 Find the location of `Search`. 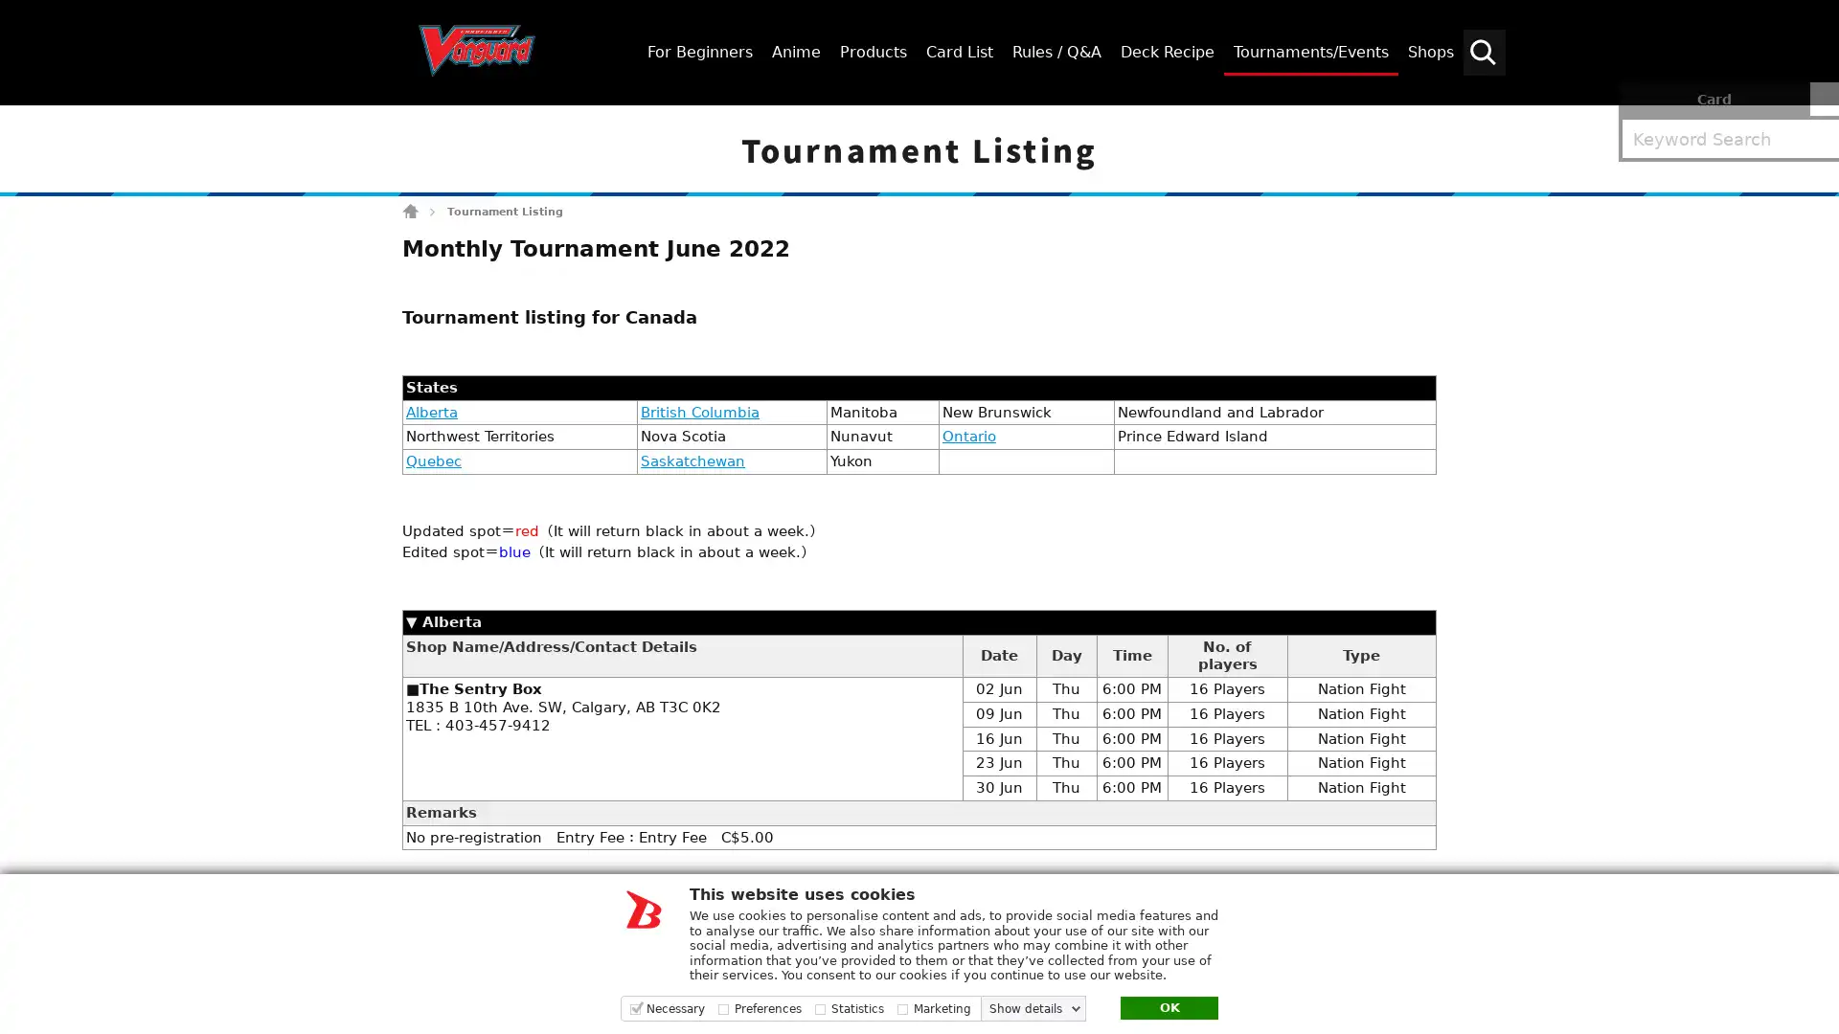

Search is located at coordinates (1815, 122).